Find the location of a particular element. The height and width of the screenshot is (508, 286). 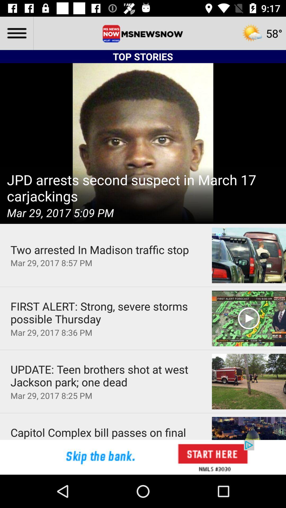

the menu icon is located at coordinates (16, 33).